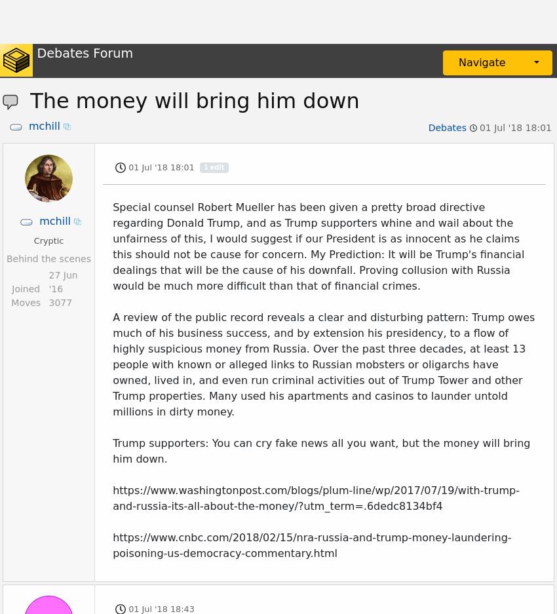  What do you see at coordinates (128, 61) in the screenshot?
I see `'02 Jul '18   17:31'` at bounding box center [128, 61].